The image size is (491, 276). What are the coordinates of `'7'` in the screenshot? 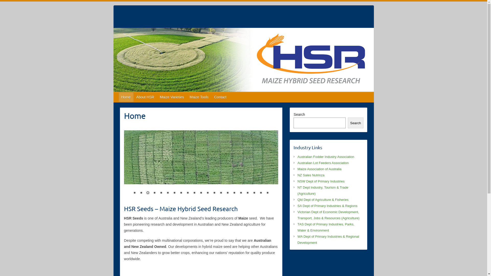 It's located at (174, 193).